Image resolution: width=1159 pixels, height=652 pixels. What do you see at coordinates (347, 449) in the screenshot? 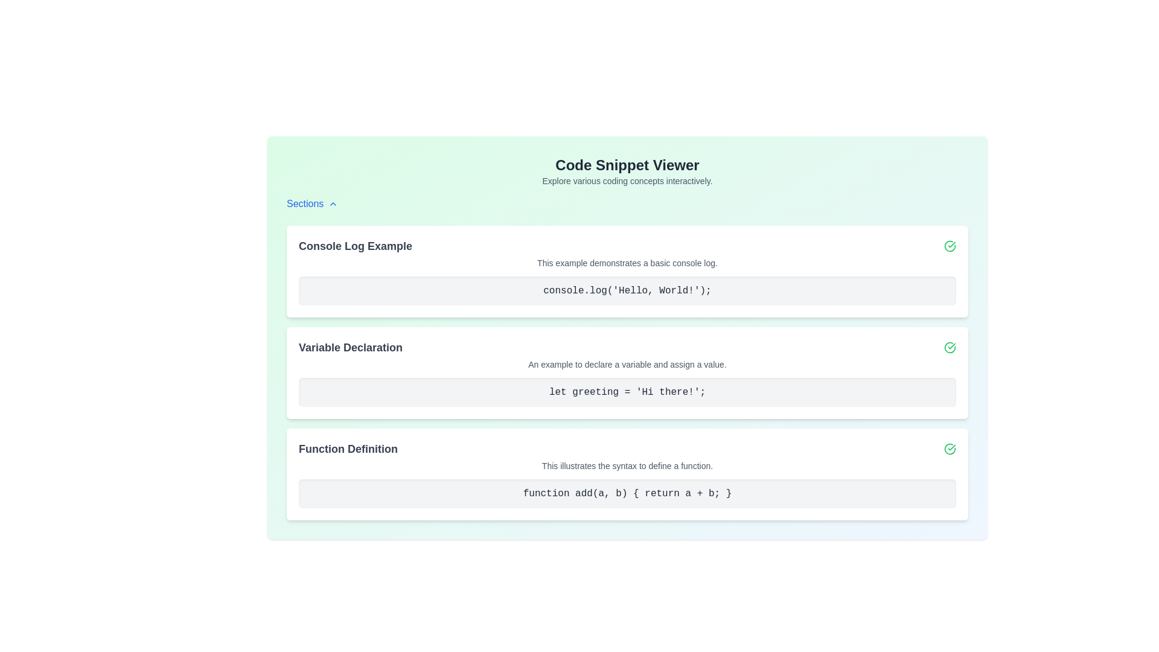
I see `the 'Function Definition' text label, which is styled in bold, large font and located in the lower section of the main content area` at bounding box center [347, 449].